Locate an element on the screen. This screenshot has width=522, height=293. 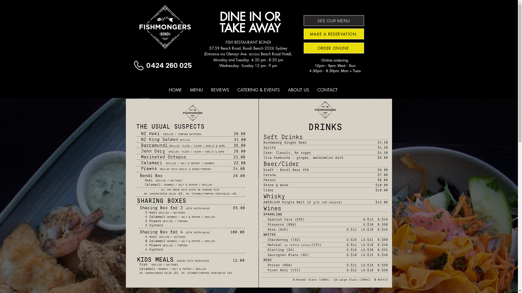
'HOME' is located at coordinates (175, 90).